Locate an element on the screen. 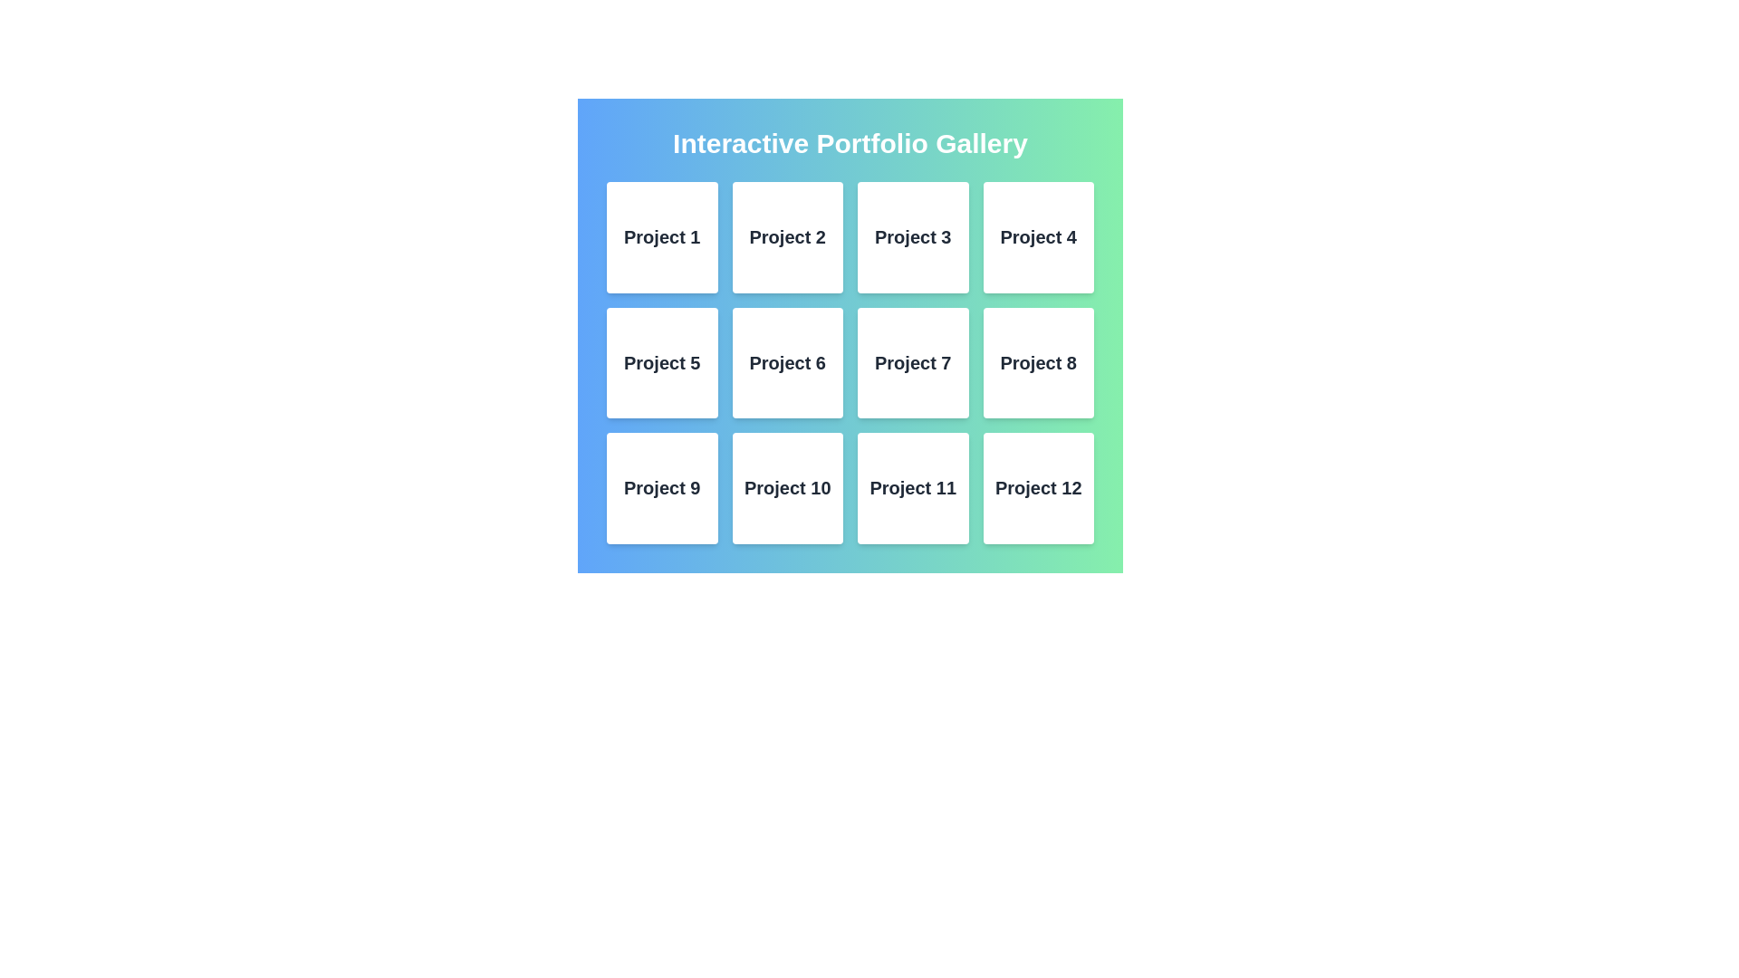  the third card in the last row of the portfolio grid layout is located at coordinates (913, 487).